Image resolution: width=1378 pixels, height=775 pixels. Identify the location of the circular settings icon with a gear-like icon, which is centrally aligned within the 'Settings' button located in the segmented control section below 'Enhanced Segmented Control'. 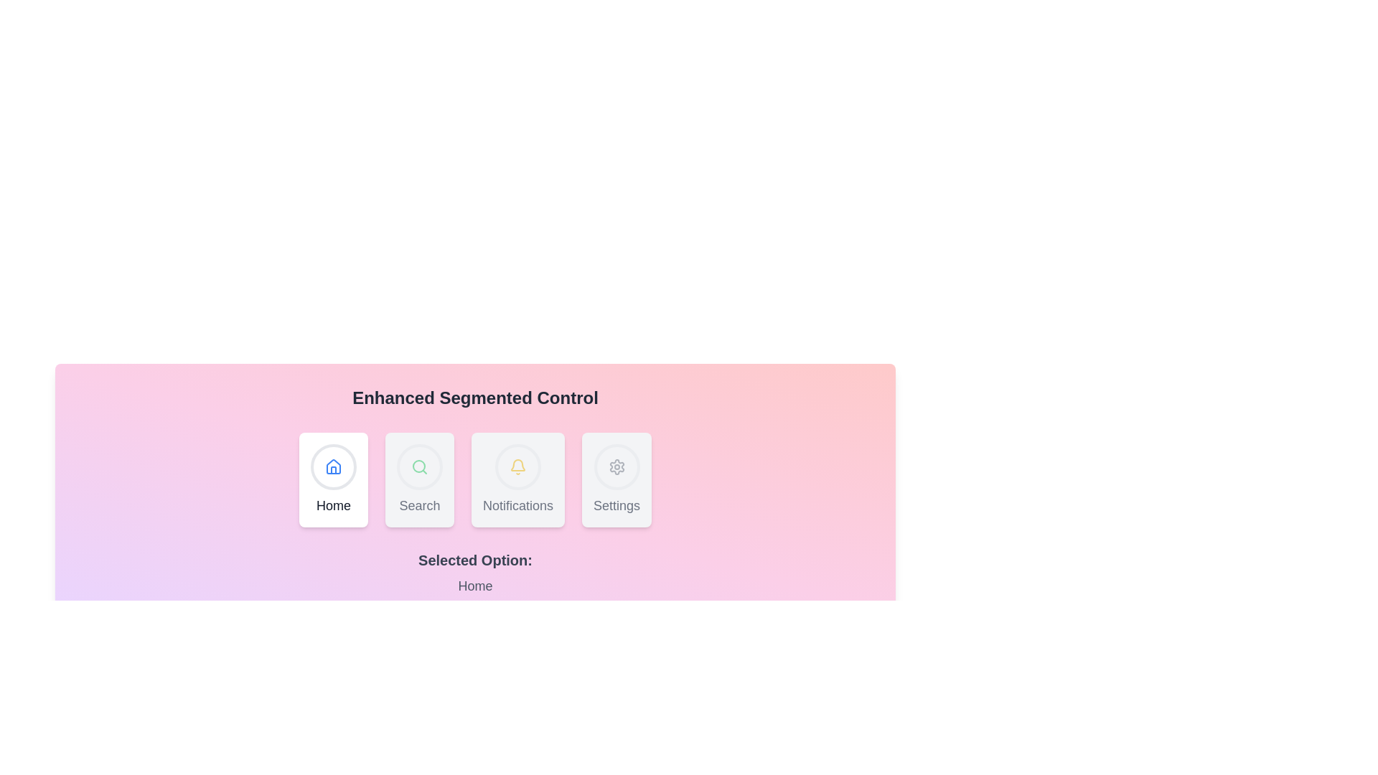
(617, 467).